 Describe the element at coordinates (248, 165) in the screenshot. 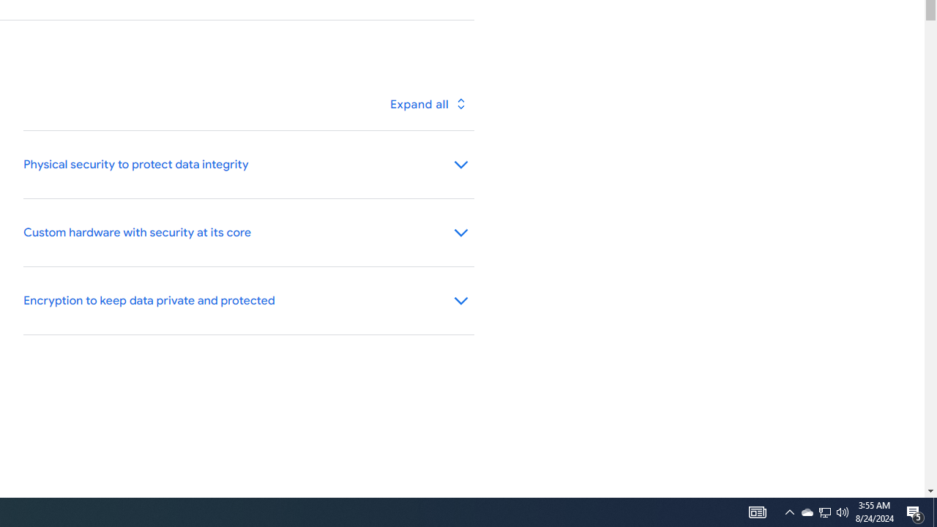

I see `'Physical security to protect data integrity'` at that location.